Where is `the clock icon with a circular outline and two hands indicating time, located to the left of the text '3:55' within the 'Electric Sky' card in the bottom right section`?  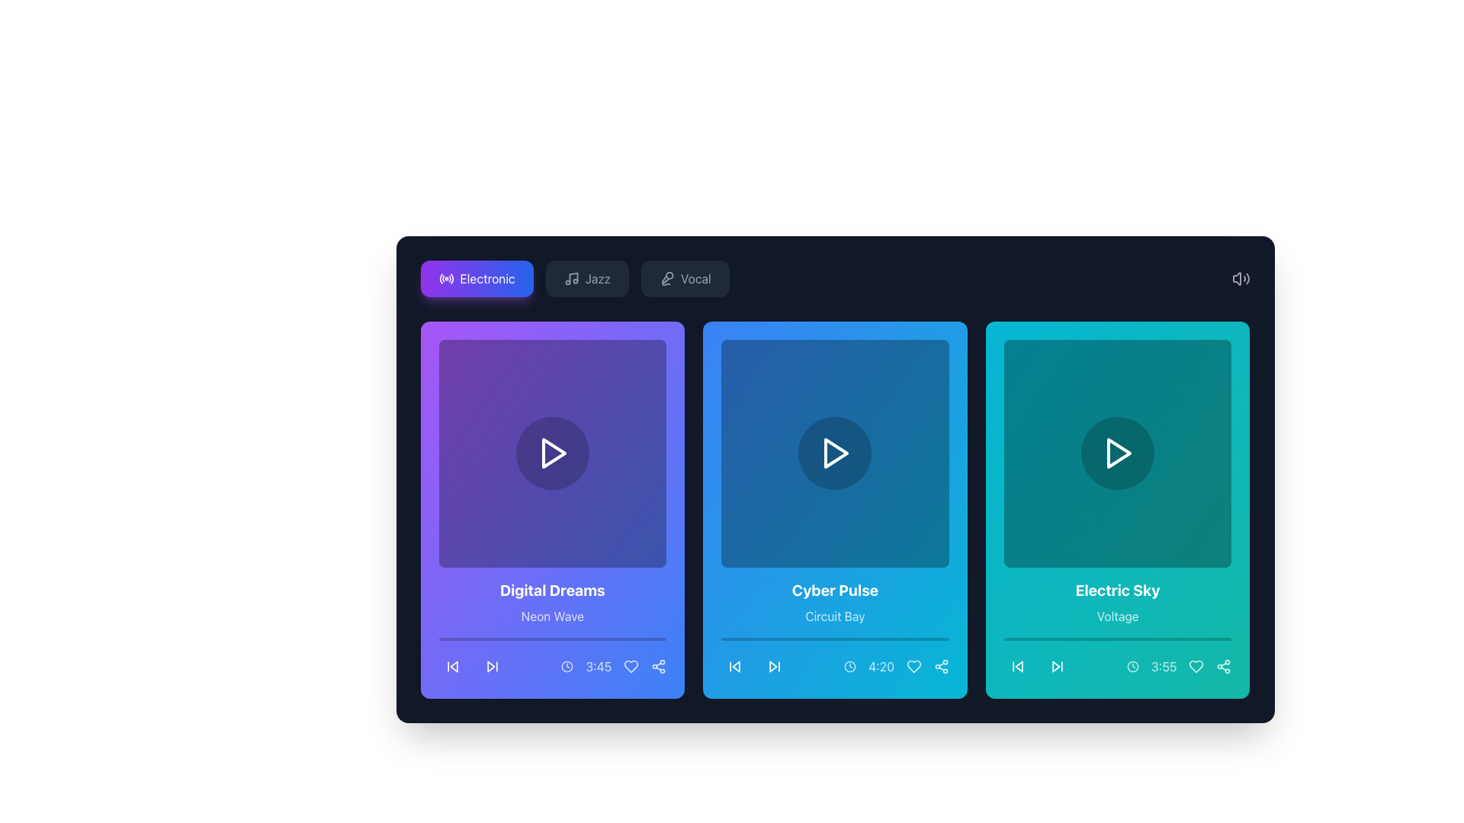 the clock icon with a circular outline and two hands indicating time, located to the left of the text '3:55' within the 'Electric Sky' card in the bottom right section is located at coordinates (1132, 665).